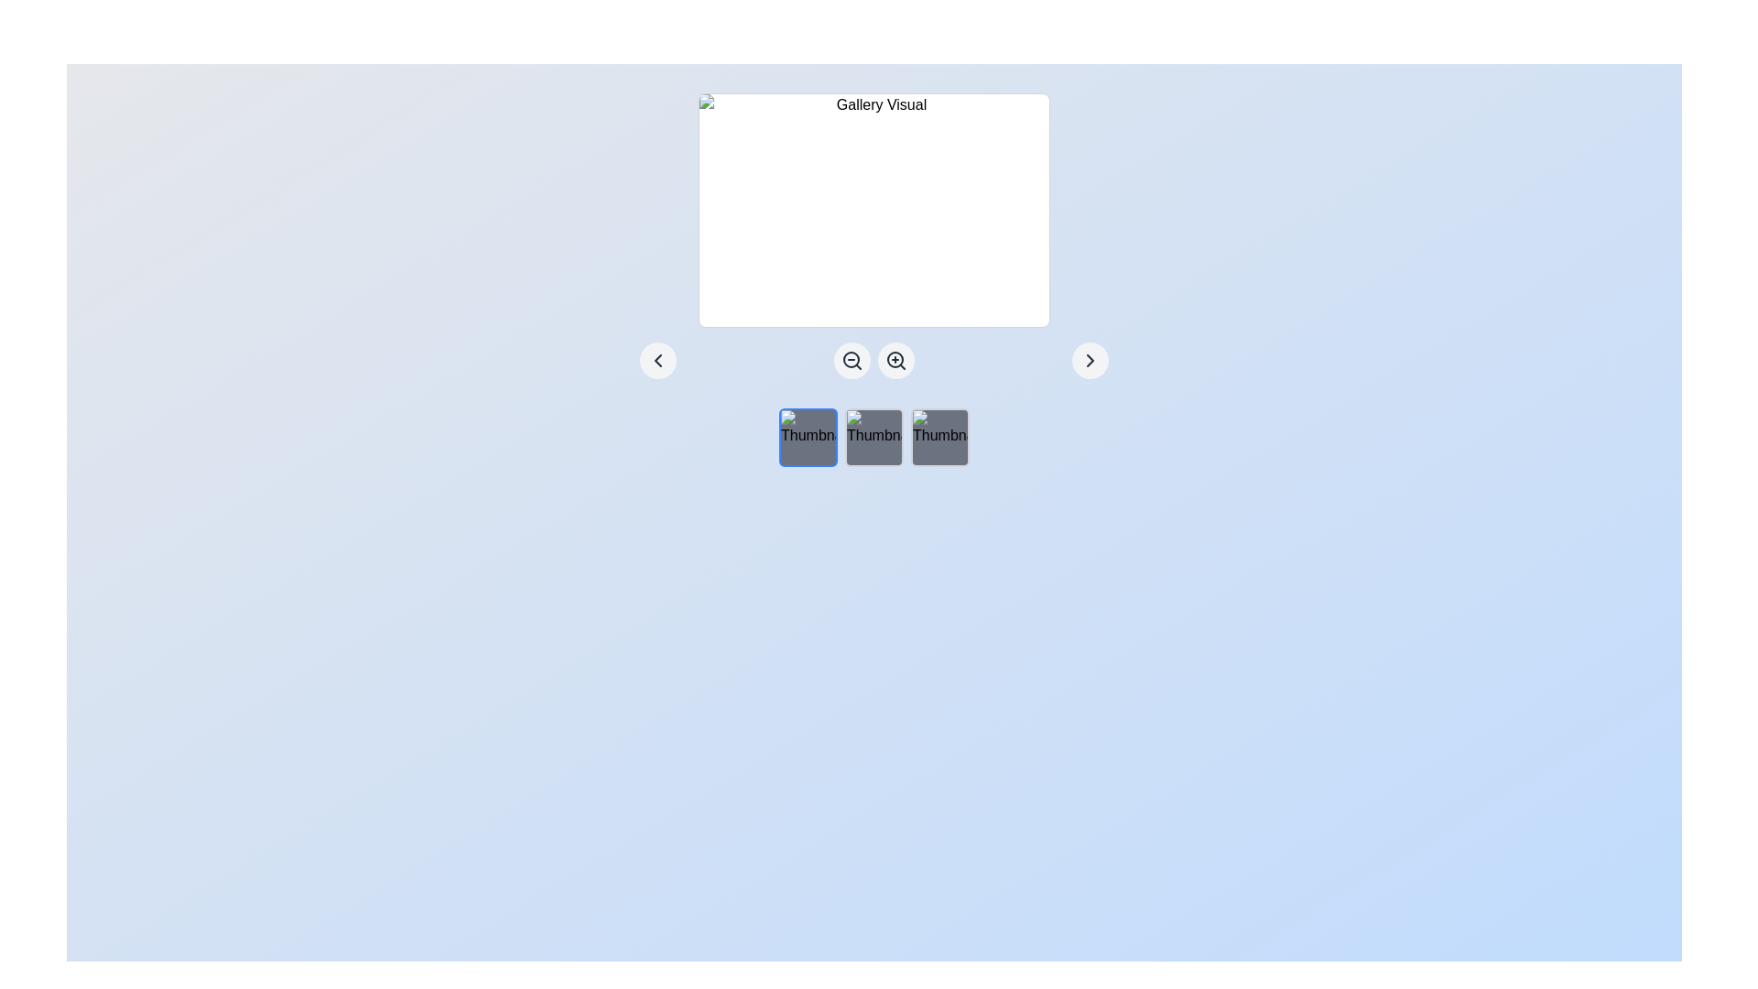 This screenshot has width=1758, height=989. I want to click on the first image thumbnail, which is a small rectangular component containing an image placeholder, so click(808, 438).